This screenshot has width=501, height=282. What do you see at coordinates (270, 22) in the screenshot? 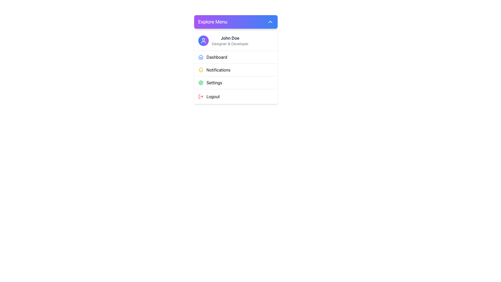
I see `the small downward-facing chevron icon located at the far-right end of the 'Explore Menu' button` at bounding box center [270, 22].